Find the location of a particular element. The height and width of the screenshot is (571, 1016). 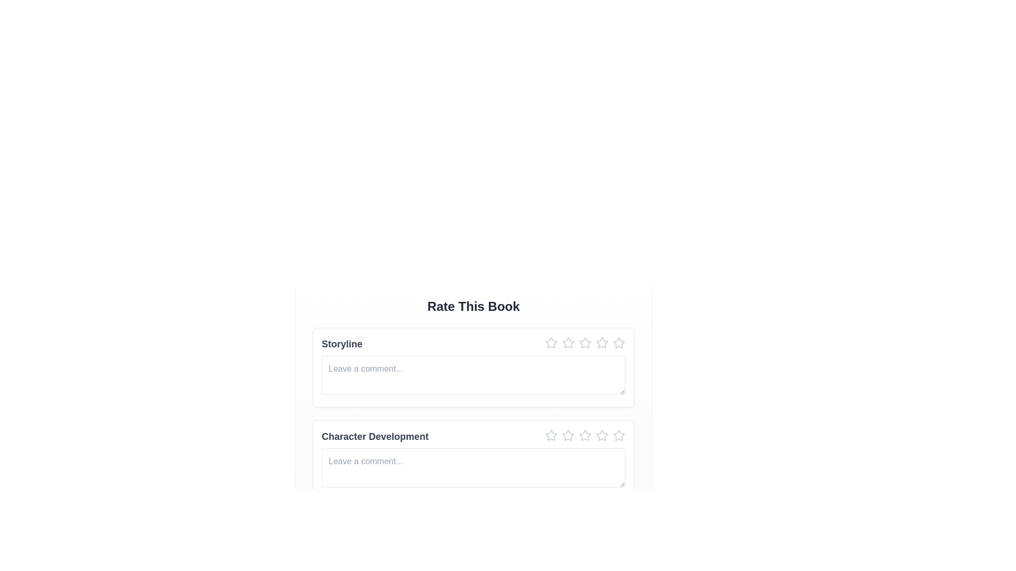

the third clickable rating star icon, which is part of a sequence of five stars located to the right of the 'Storyline' label is located at coordinates (568, 343).